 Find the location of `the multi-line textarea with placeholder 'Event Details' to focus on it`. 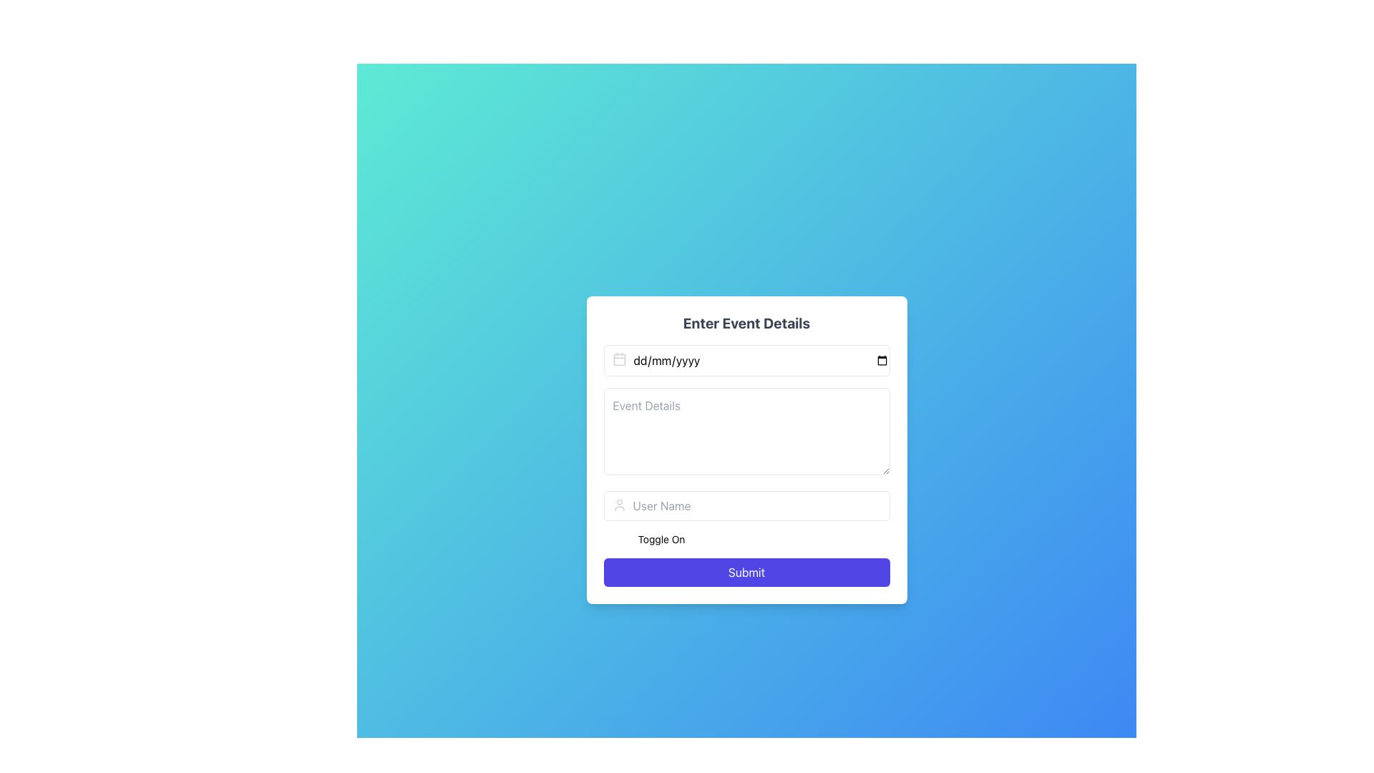

the multi-line textarea with placeholder 'Event Details' to focus on it is located at coordinates (746, 432).